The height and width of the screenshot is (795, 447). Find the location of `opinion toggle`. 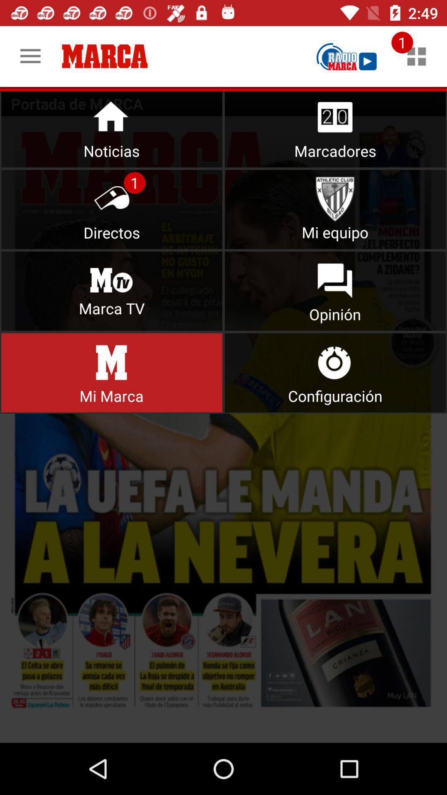

opinion toggle is located at coordinates (335, 291).